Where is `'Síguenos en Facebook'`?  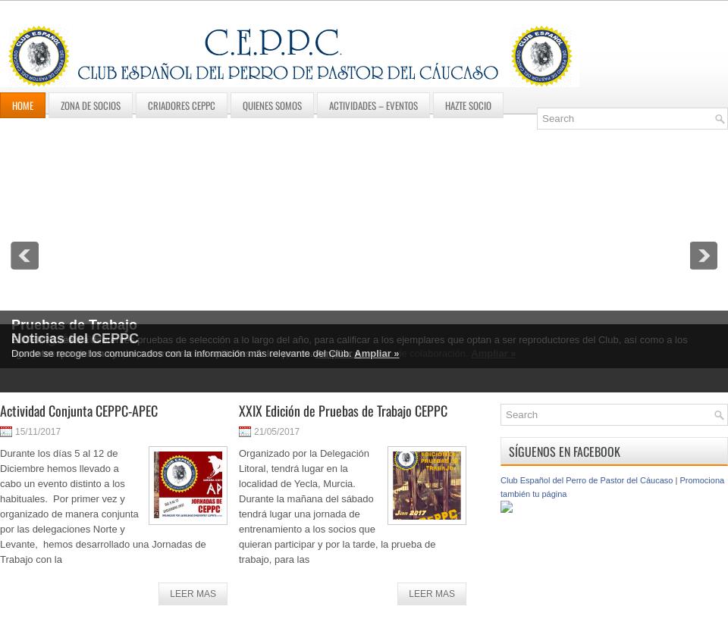
'Síguenos en Facebook' is located at coordinates (563, 450).